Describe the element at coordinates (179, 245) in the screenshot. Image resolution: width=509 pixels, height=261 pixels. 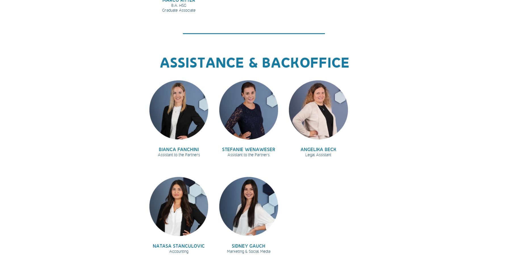
I see `'NATASA STANCULOVIC'` at that location.